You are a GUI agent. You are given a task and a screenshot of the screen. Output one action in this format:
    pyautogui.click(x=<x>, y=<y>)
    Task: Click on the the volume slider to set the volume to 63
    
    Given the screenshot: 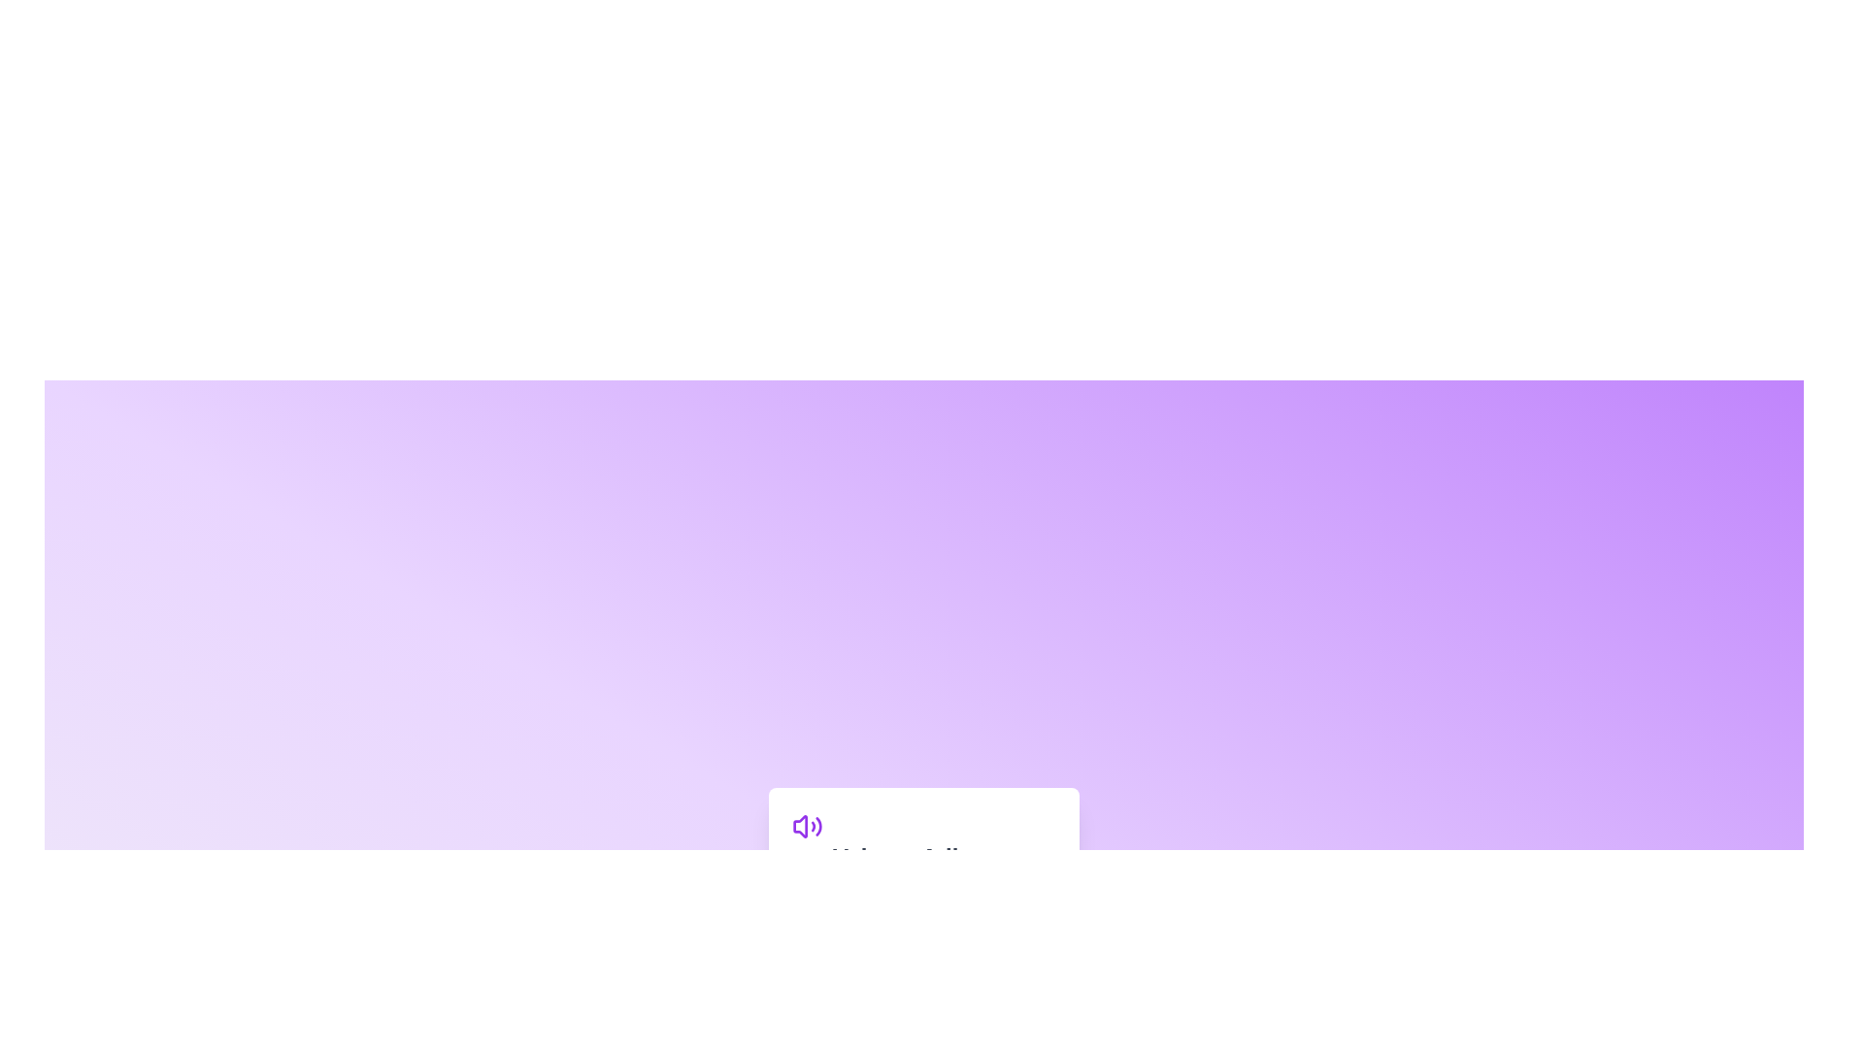 What is the action you would take?
    pyautogui.click(x=958, y=901)
    